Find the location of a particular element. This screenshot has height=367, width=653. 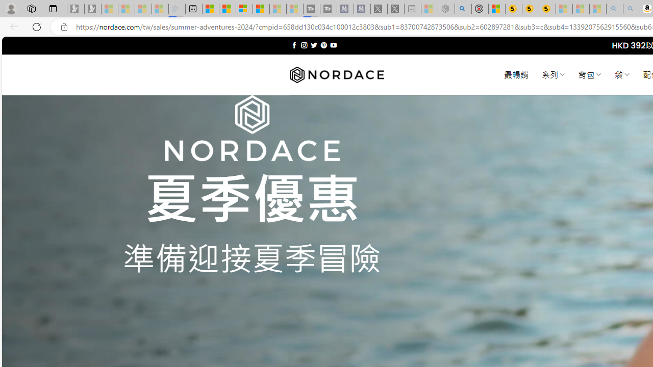

'Personal Profile' is located at coordinates (11, 8).